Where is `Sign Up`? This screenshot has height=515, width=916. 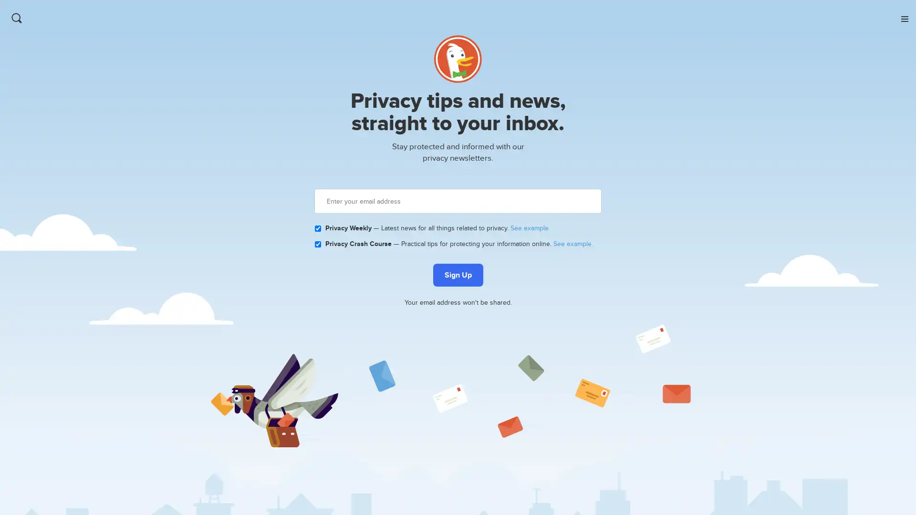 Sign Up is located at coordinates (457, 275).